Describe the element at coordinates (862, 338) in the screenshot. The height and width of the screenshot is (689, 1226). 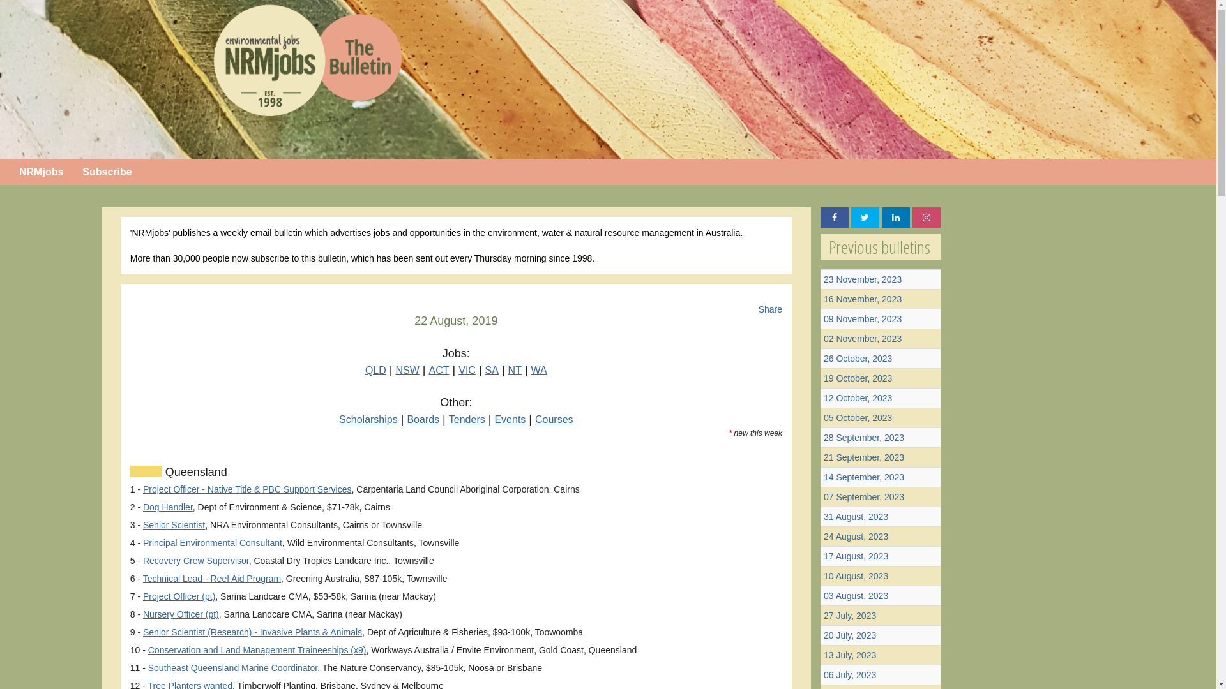
I see `'02 November, 2023'` at that location.